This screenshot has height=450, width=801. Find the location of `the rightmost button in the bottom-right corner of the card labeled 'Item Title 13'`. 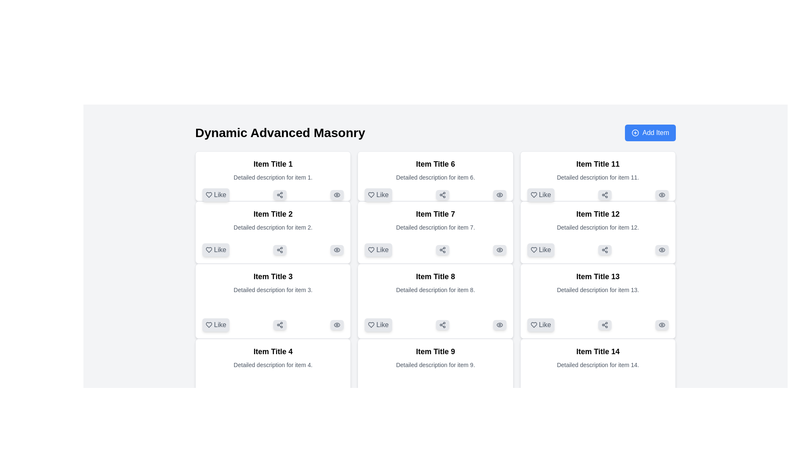

the rightmost button in the bottom-right corner of the card labeled 'Item Title 13' is located at coordinates (662, 324).